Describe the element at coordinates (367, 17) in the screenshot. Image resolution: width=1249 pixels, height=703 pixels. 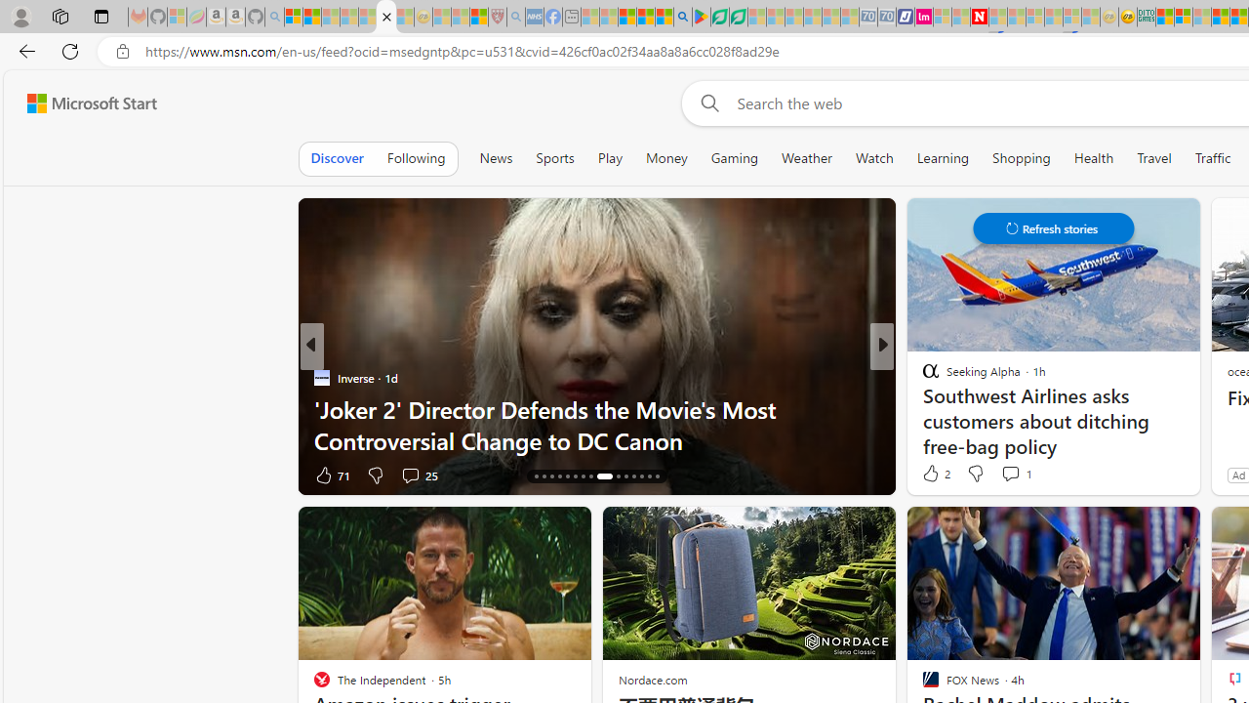
I see `'New Report Confirms 2023 Was Record Hot | Watch - Sleeping'` at that location.